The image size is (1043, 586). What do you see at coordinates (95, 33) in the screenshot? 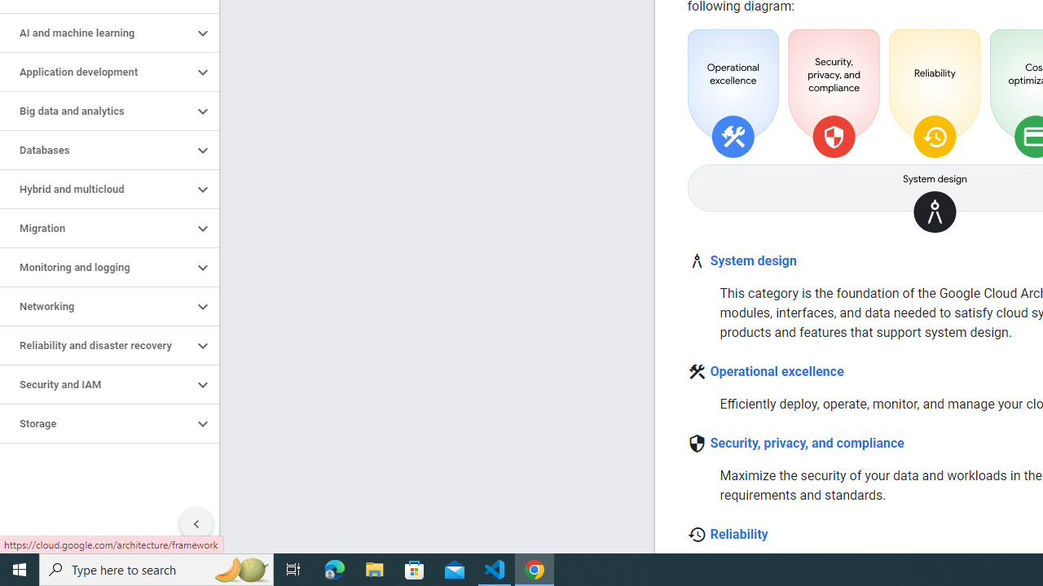
I see `'AI and machine learning'` at bounding box center [95, 33].